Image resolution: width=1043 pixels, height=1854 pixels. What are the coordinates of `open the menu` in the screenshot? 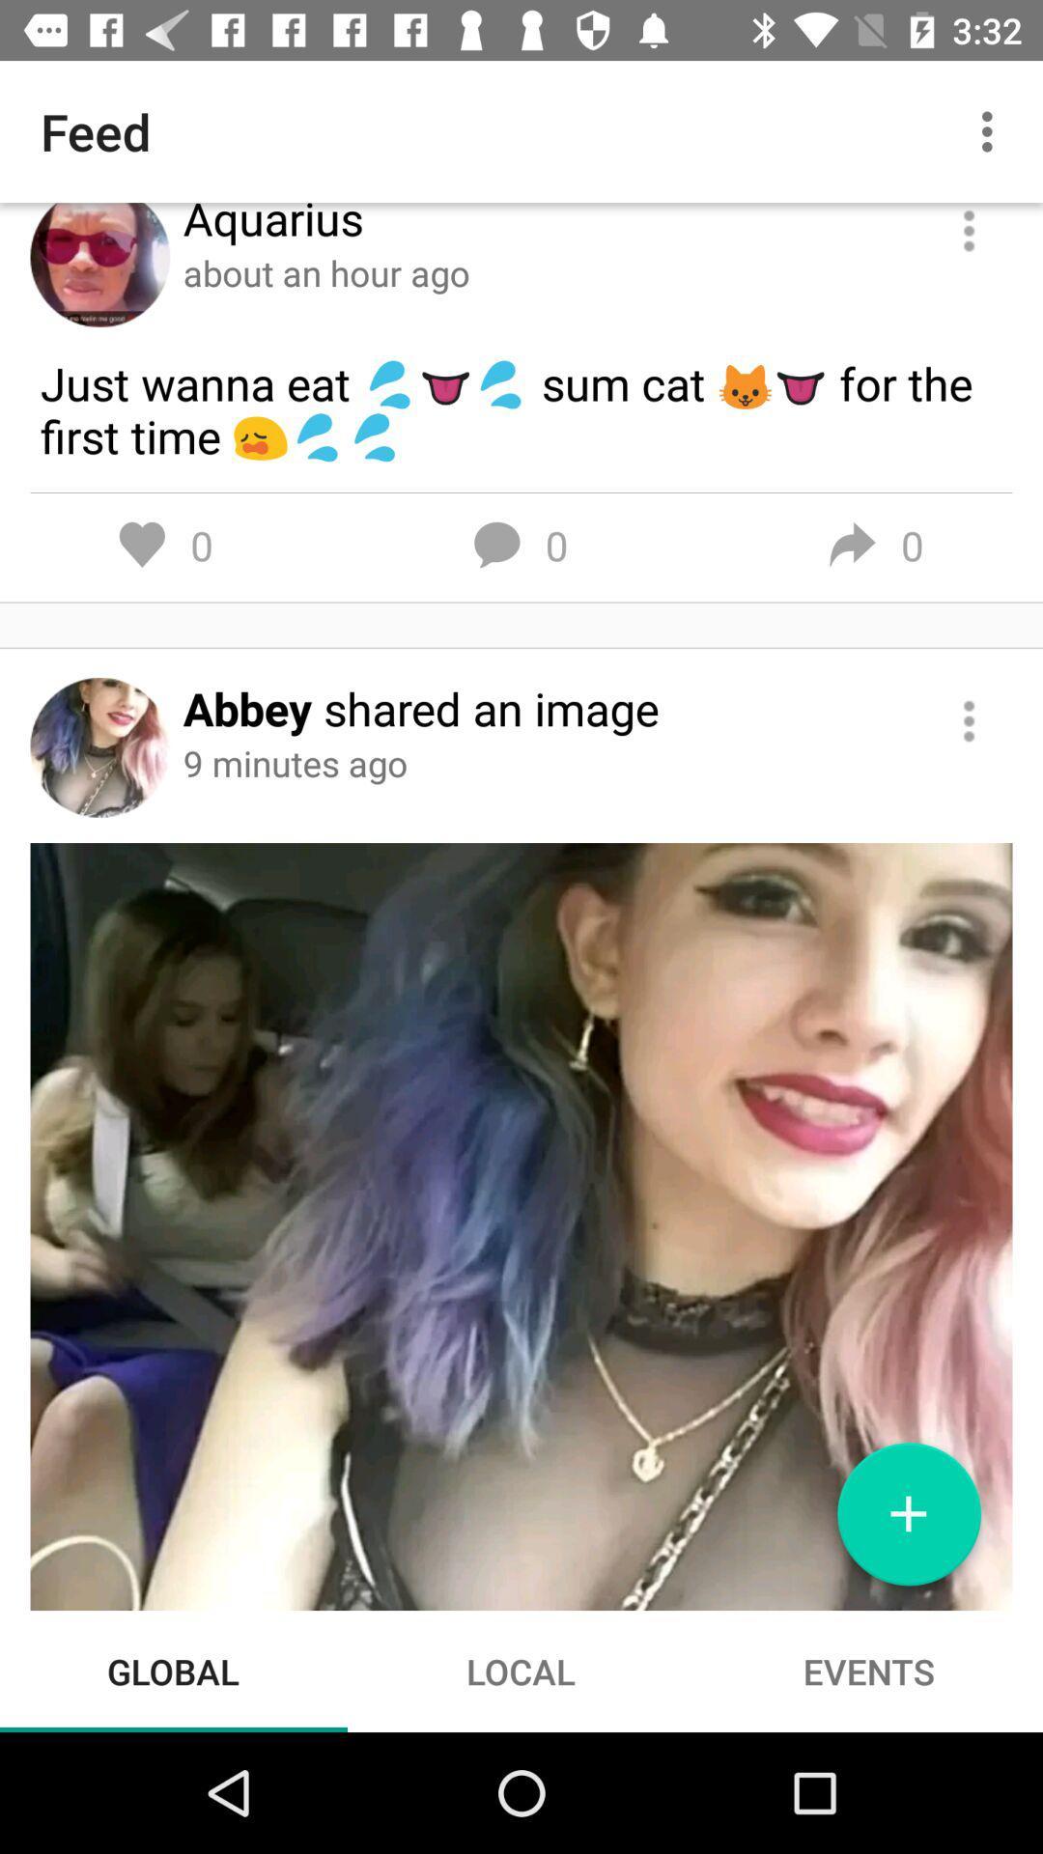 It's located at (969, 232).